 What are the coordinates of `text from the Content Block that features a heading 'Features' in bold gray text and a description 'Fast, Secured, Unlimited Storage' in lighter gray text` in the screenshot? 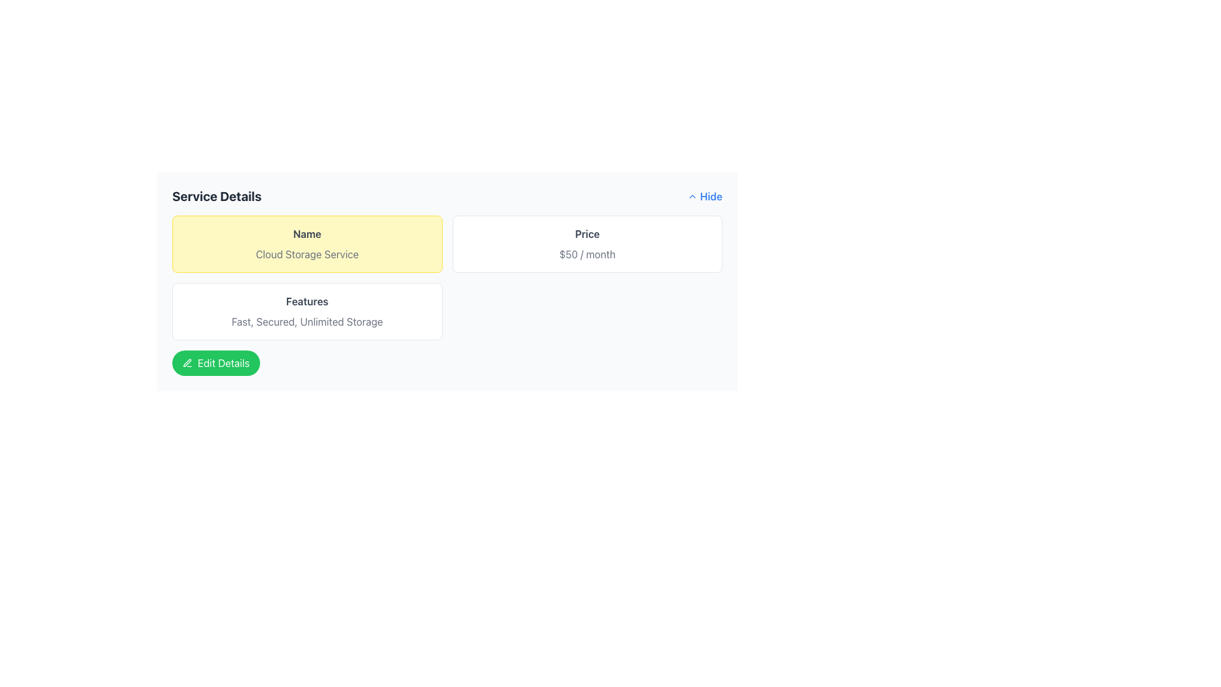 It's located at (307, 311).